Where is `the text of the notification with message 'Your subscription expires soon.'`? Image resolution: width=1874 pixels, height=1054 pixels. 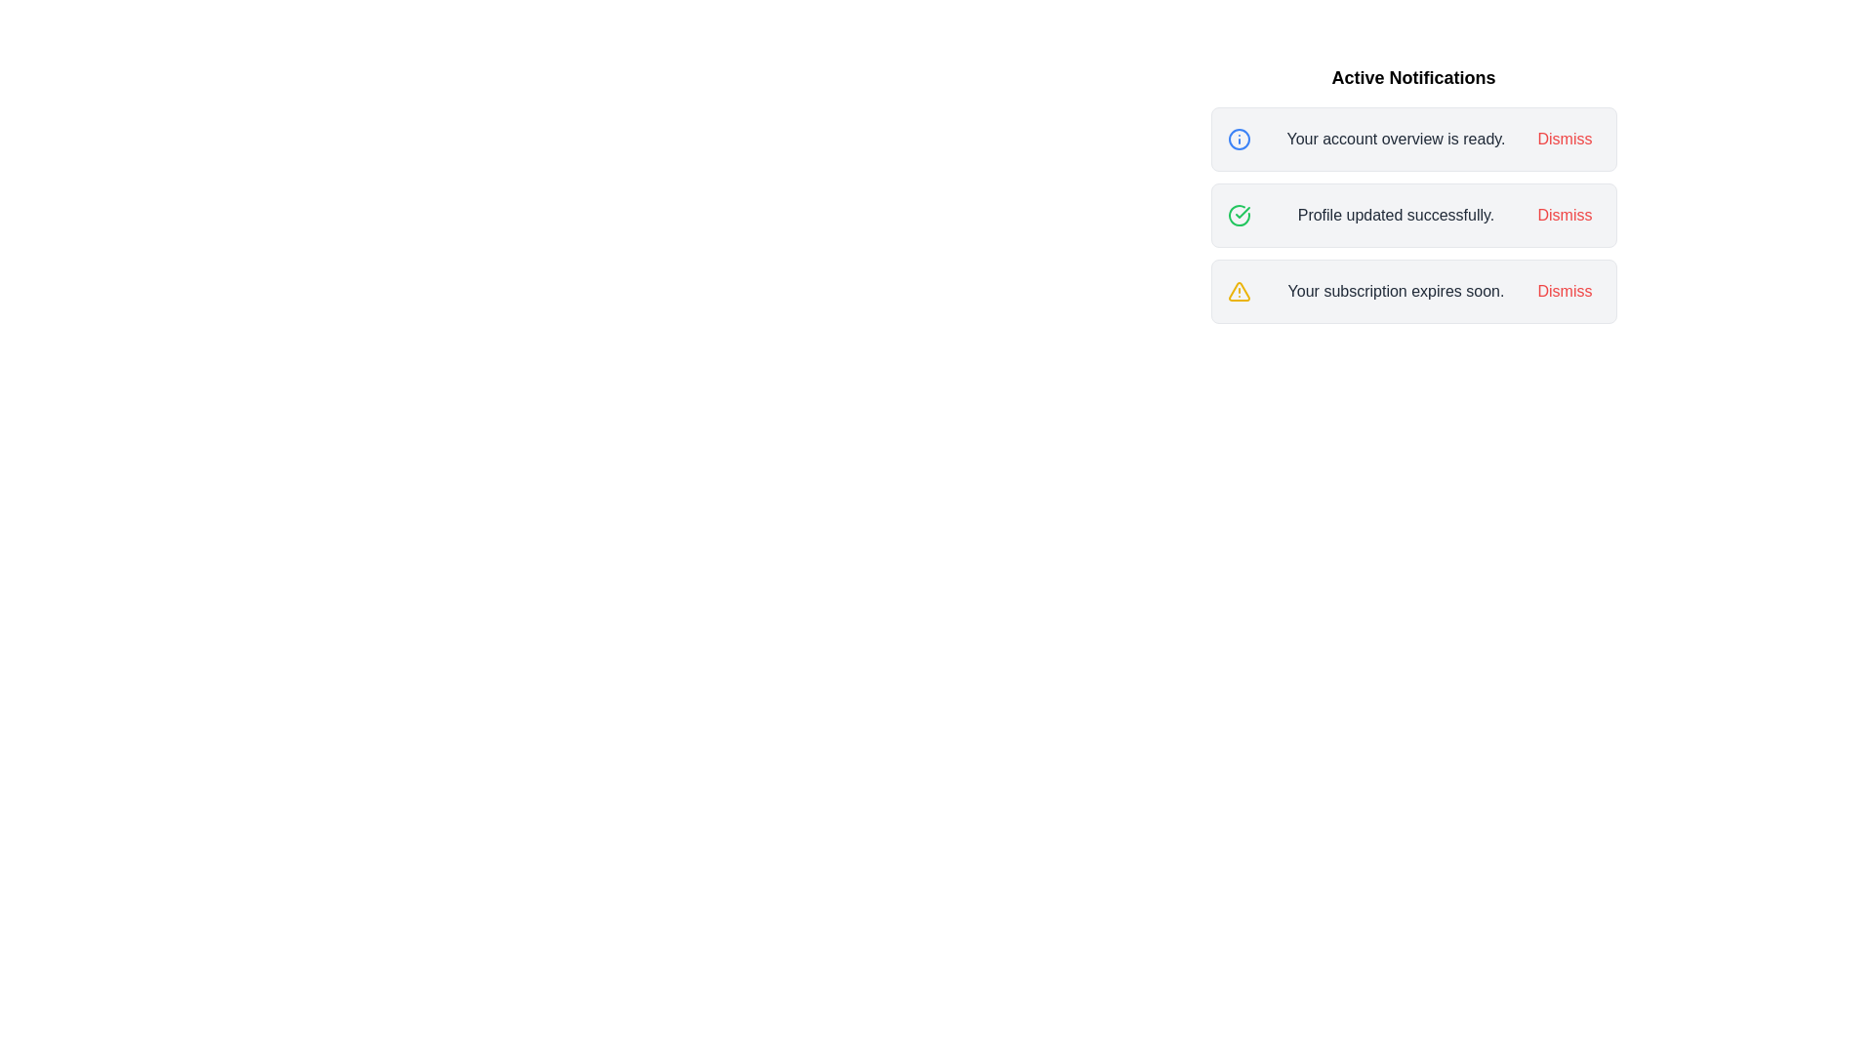 the text of the notification with message 'Your subscription expires soon.' is located at coordinates (1395, 292).